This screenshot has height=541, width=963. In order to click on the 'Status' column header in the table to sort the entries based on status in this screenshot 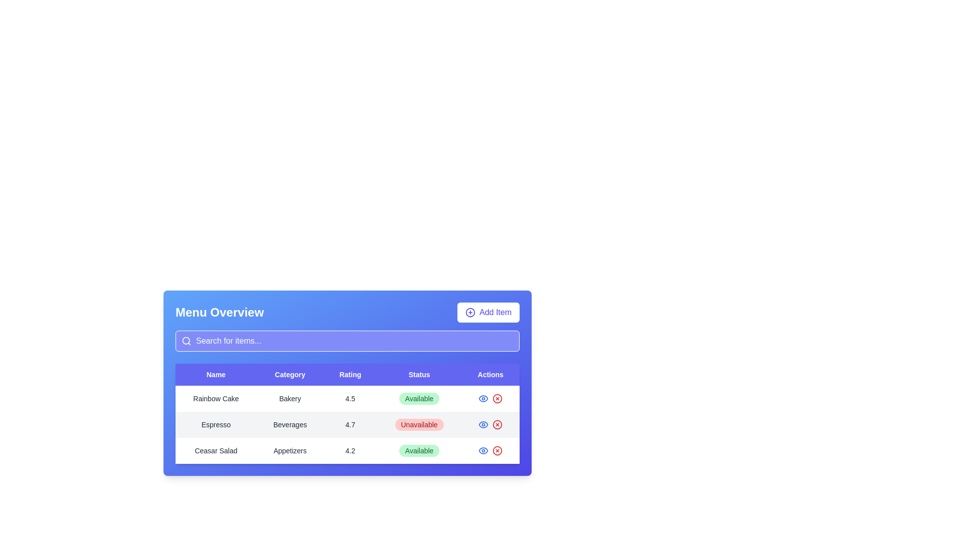, I will do `click(419, 375)`.